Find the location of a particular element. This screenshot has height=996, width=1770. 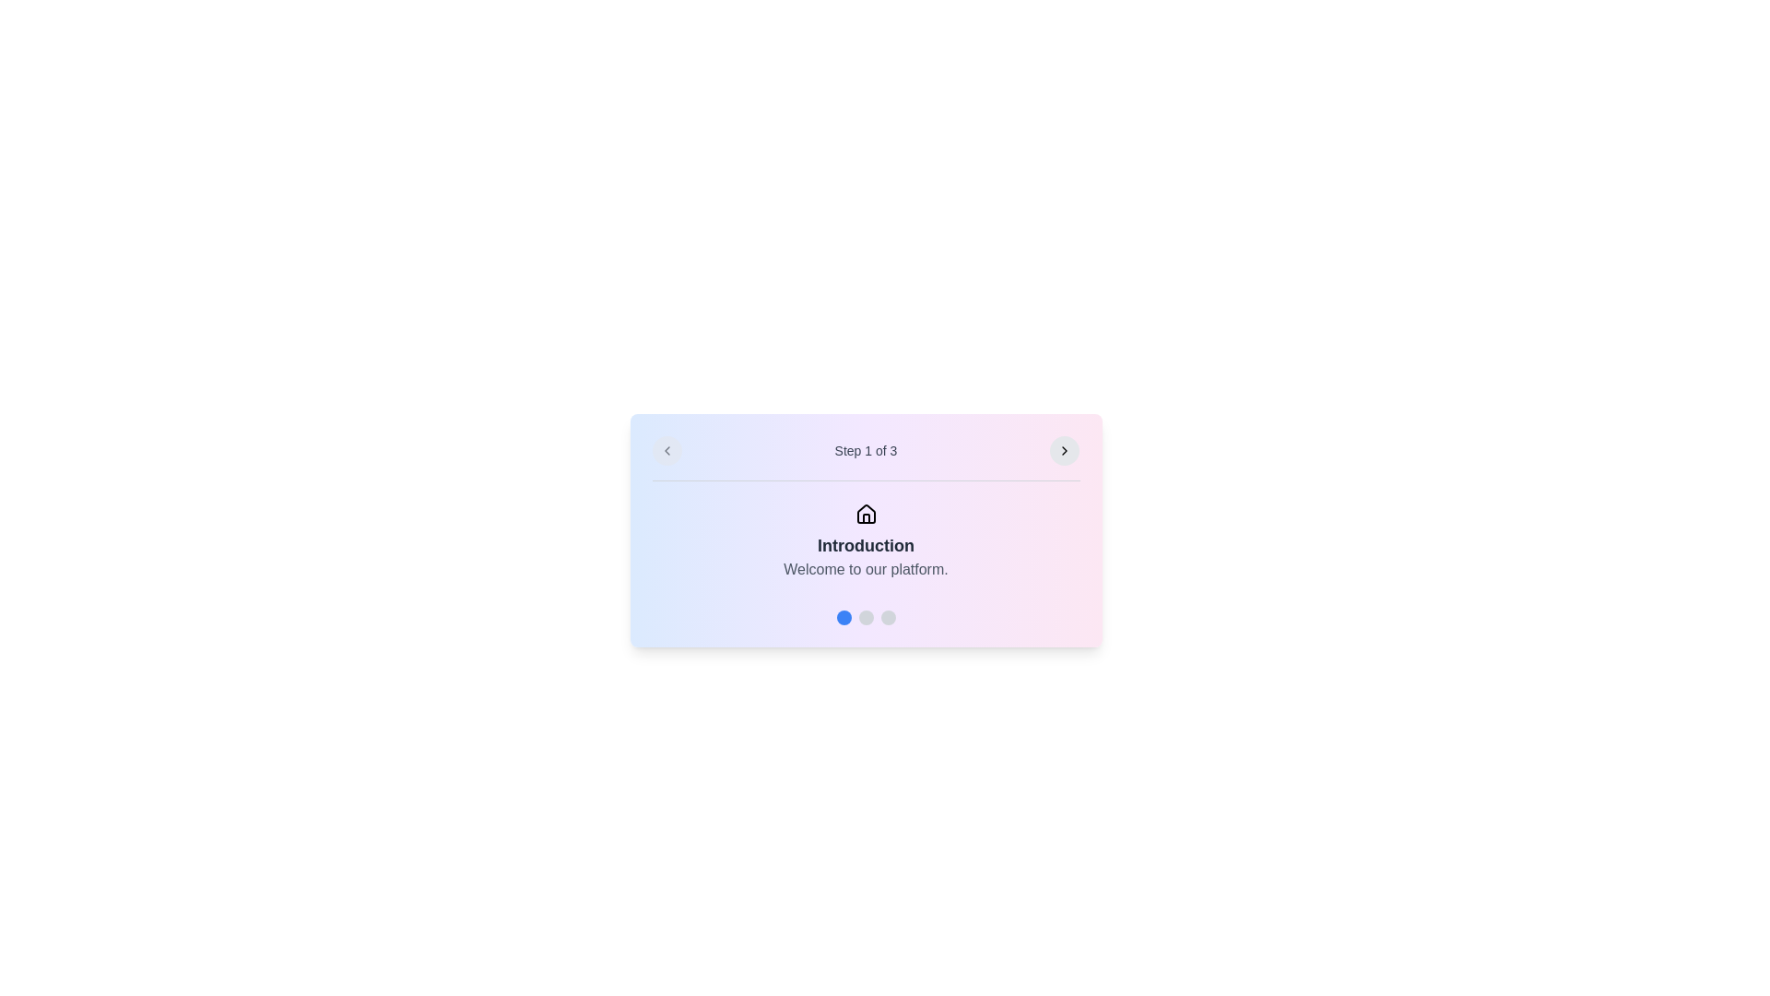

the small circular button with a gray background and a left-pointing chevron icon, located to the left of the text 'Step 1 of 3' in the navigation bar is located at coordinates (666, 451).